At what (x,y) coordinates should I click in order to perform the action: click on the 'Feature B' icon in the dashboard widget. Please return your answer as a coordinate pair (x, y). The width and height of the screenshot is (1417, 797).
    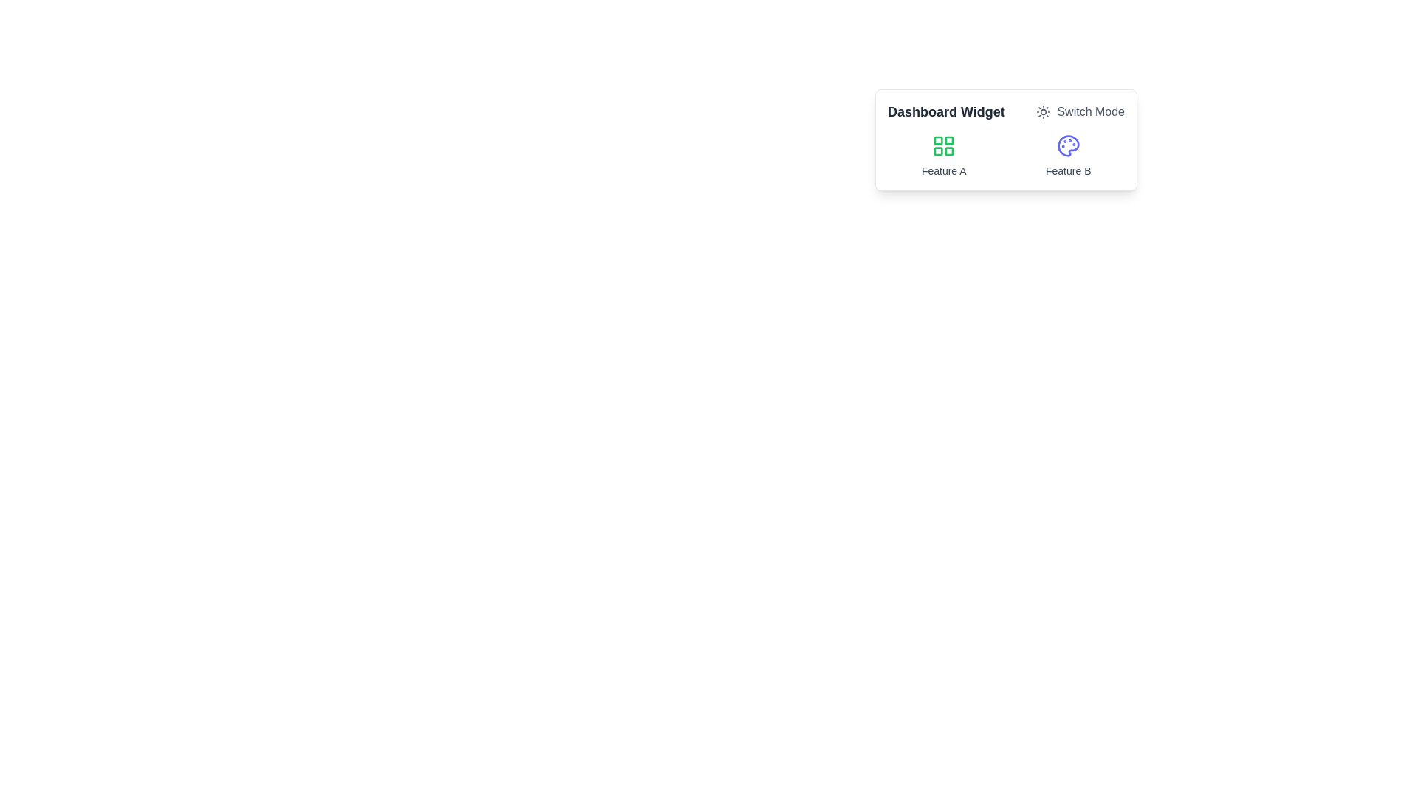
    Looking at the image, I should click on (1068, 156).